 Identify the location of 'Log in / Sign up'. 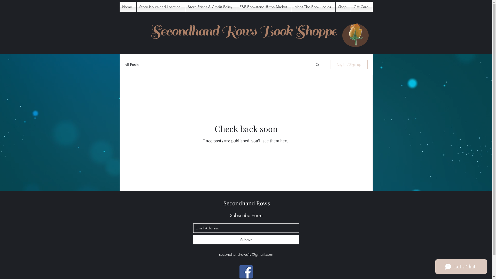
(349, 64).